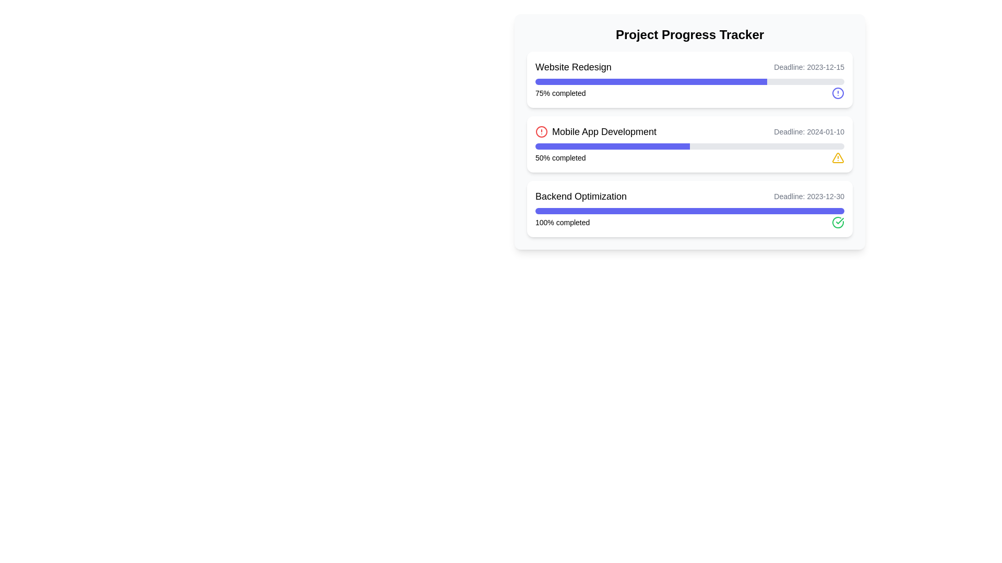 The image size is (1002, 563). I want to click on the progress bar indicating 50% completion of the 'Mobile App Development' task, so click(689, 146).